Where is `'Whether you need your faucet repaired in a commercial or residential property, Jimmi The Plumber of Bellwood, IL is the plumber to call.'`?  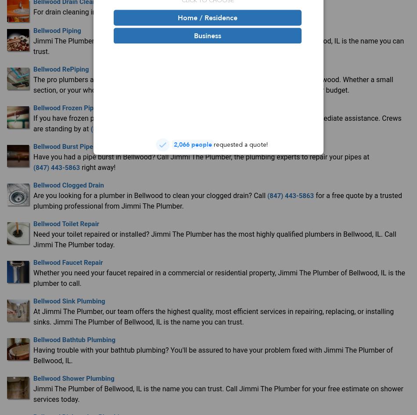 'Whether you need your faucet repaired in a commercial or residential property, Jimmi The Plumber of Bellwood, IL is the plumber to call.' is located at coordinates (219, 277).